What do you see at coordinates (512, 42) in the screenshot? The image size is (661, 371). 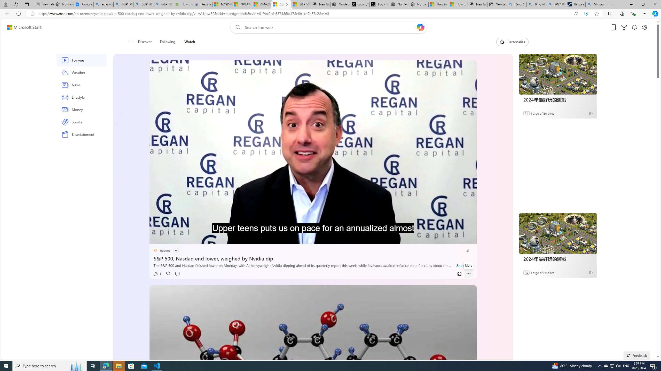 I see `'Personalize'` at bounding box center [512, 42].